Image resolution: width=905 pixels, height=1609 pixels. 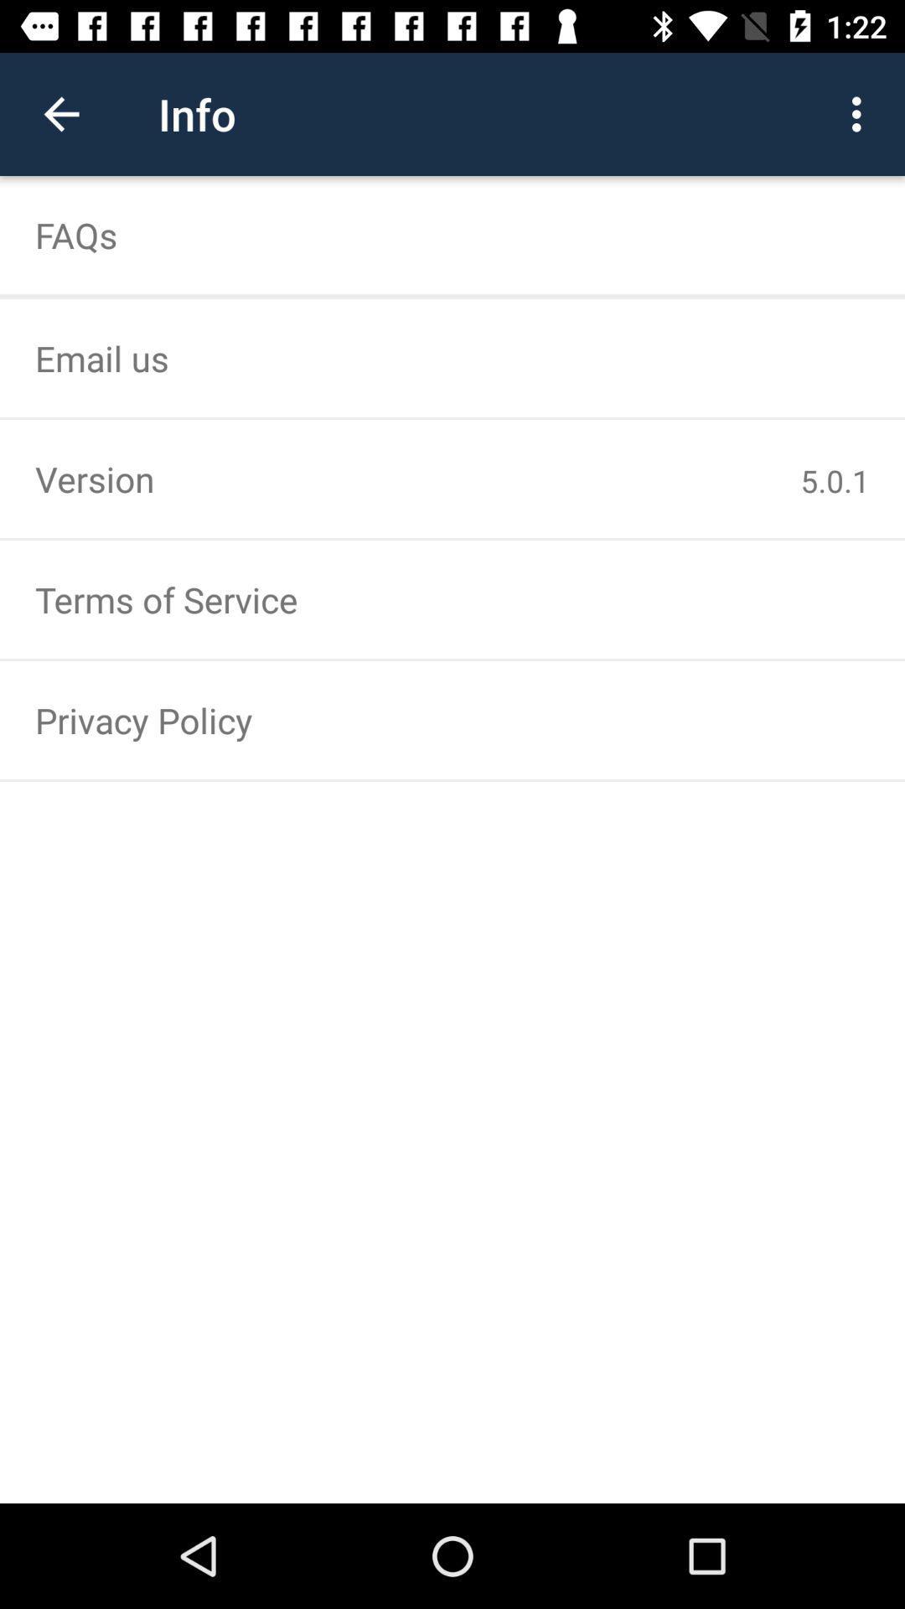 I want to click on the icon to the left of the info item, so click(x=60, y=113).